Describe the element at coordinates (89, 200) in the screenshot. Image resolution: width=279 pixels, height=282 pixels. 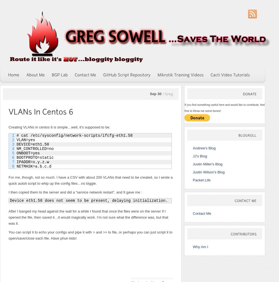
I see `'Device eth1.58 does not seem to be present, delaying initialization.'` at that location.